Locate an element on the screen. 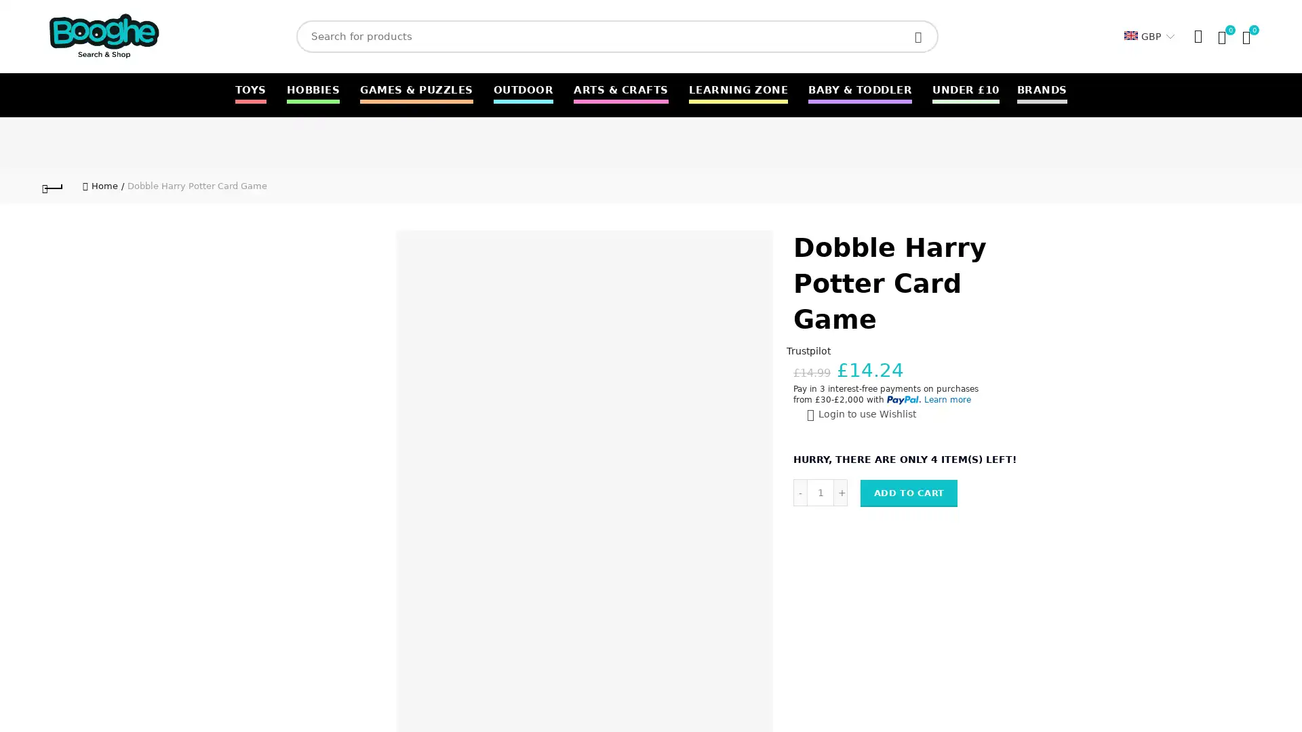  ADD TO CART is located at coordinates (909, 492).